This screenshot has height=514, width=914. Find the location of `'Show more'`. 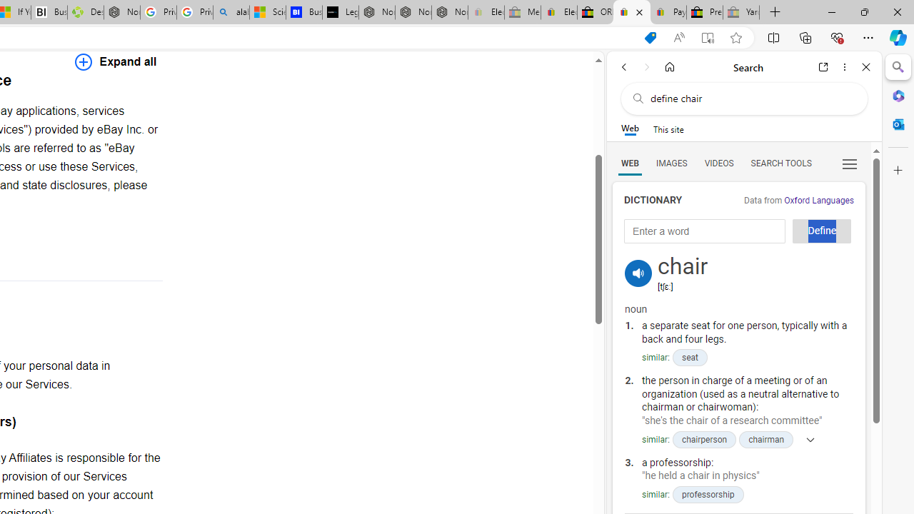

'Show more' is located at coordinates (806, 438).